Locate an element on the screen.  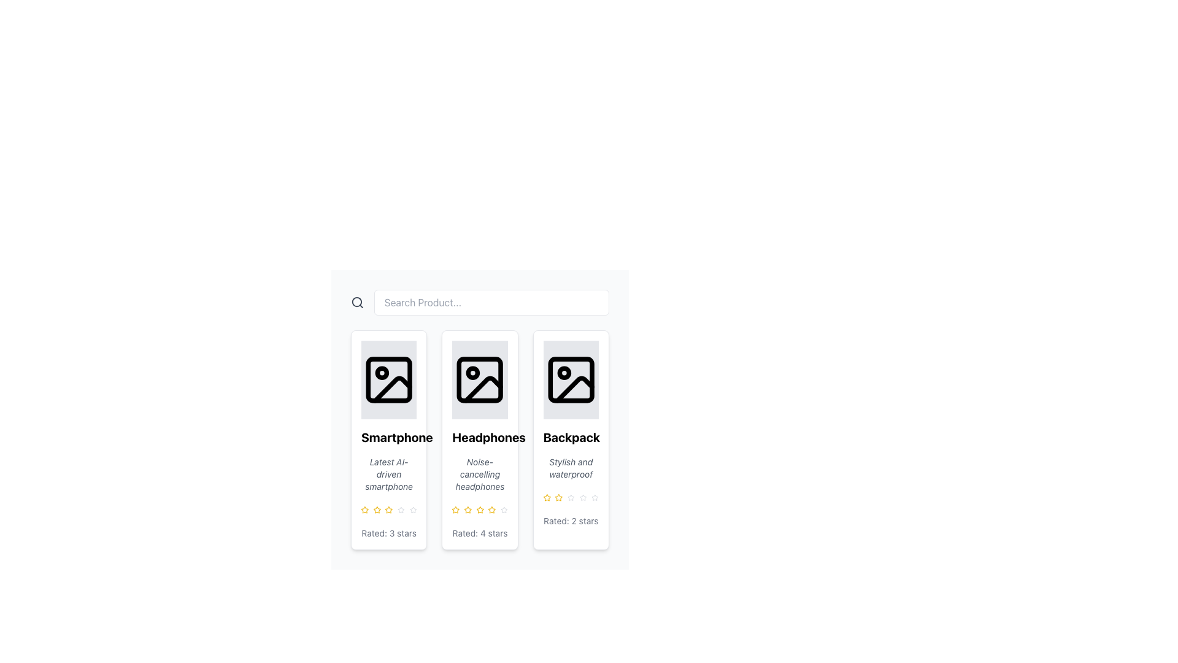
the second yellow star icon in the rating section beneath the 'Backpack' product card is located at coordinates (546, 497).